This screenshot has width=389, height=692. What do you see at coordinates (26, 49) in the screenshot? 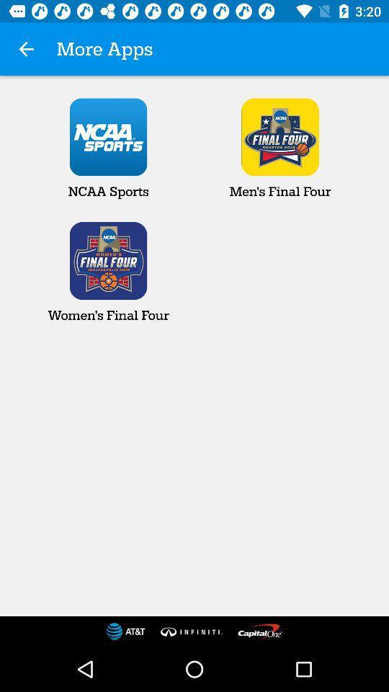
I see `app to the left of more apps item` at bounding box center [26, 49].